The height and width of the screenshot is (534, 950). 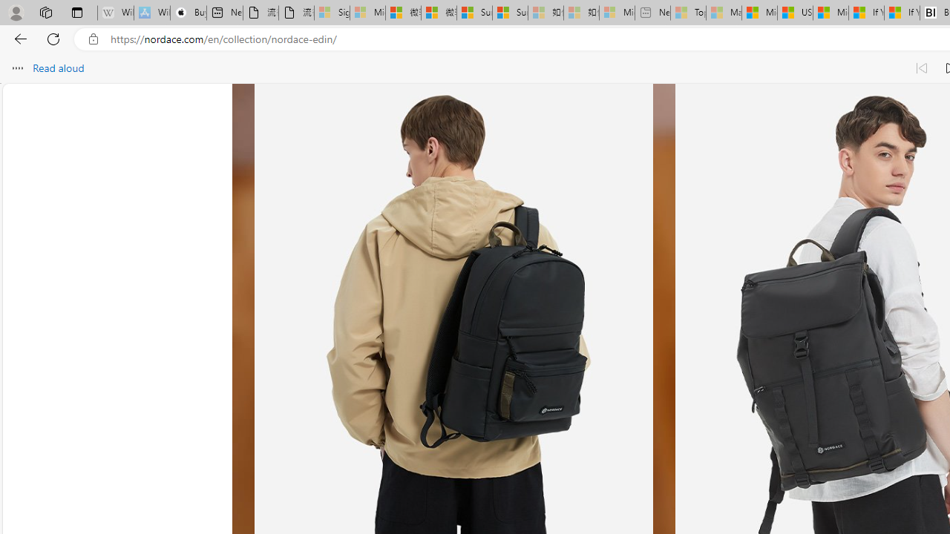 What do you see at coordinates (830, 13) in the screenshot?
I see `'Microsoft Start'` at bounding box center [830, 13].